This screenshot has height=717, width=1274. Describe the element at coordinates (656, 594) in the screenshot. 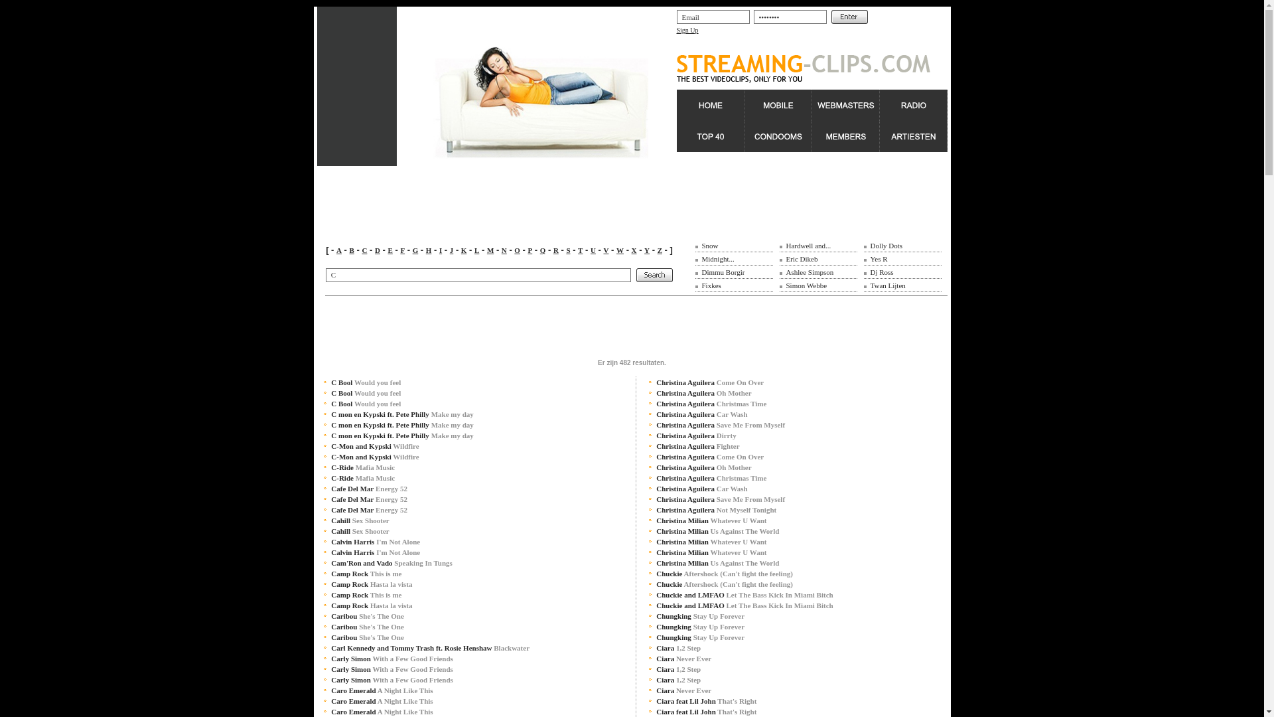

I see `'Chuckie and LMFAO Let The Bass Kick In Miami Bitch'` at that location.